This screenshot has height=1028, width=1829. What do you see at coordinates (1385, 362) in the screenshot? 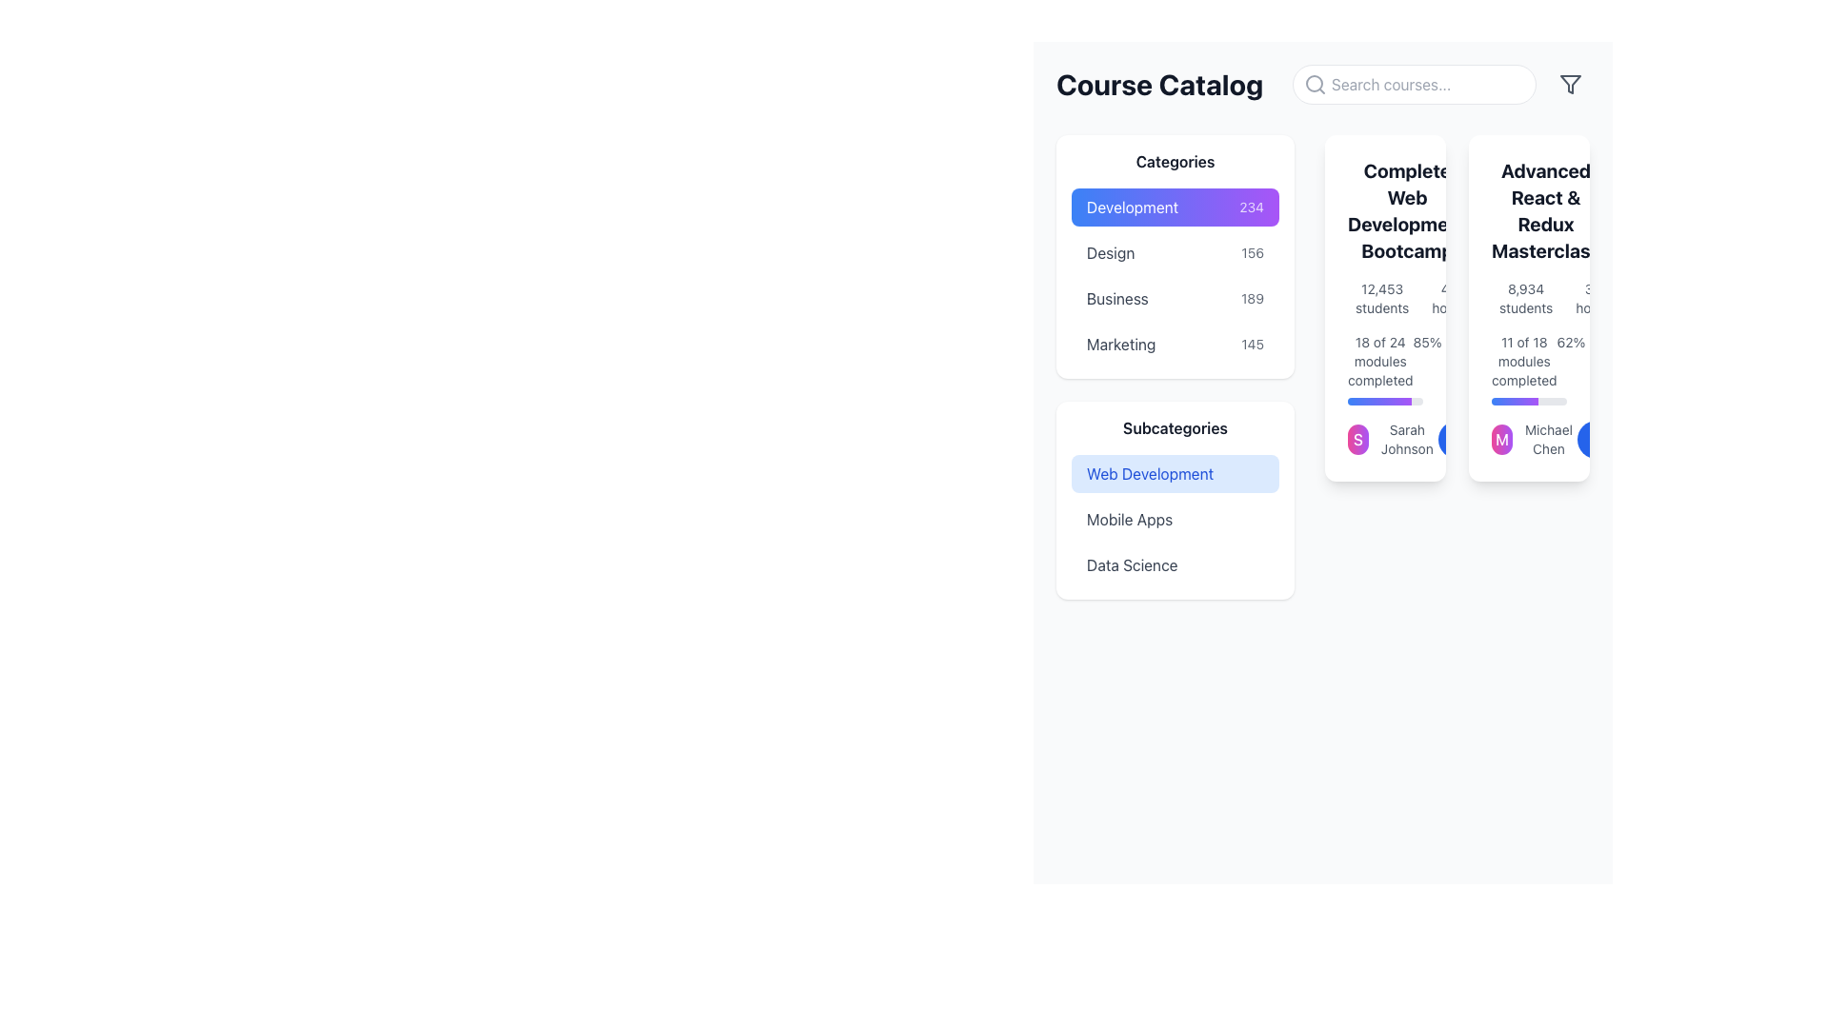
I see `the static text displaying progress information that shows the number of completed modules out of the total and the corresponding percentage progression, located in the central card below the course title` at bounding box center [1385, 362].